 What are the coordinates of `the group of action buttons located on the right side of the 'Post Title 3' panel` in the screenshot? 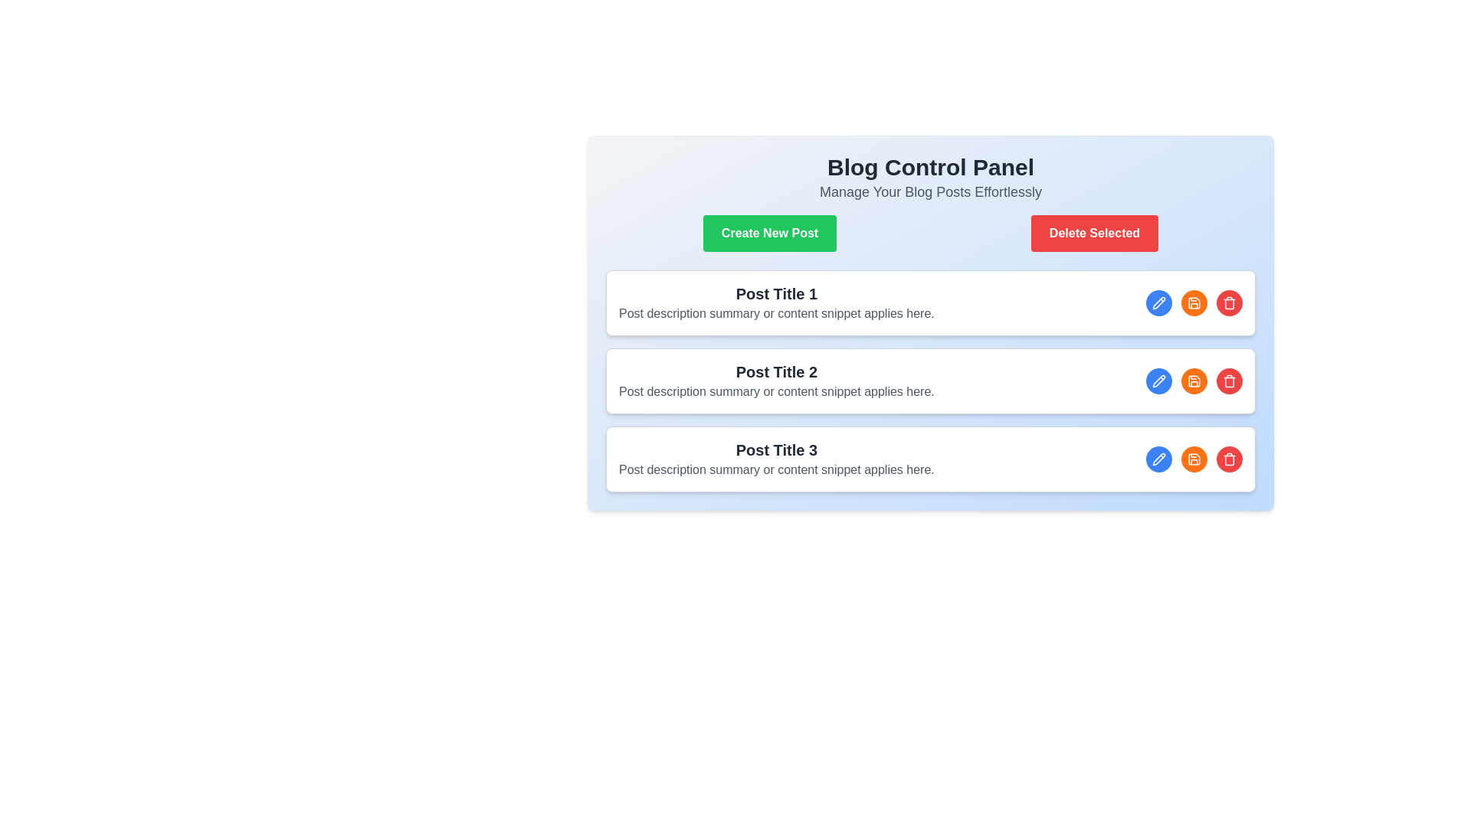 It's located at (1194, 459).